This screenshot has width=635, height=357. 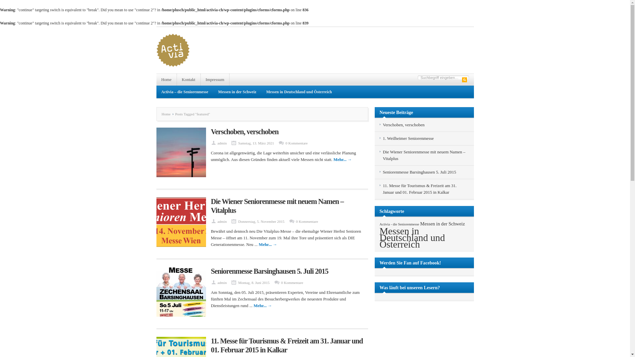 I want to click on '0 Kommentare', so click(x=307, y=221).